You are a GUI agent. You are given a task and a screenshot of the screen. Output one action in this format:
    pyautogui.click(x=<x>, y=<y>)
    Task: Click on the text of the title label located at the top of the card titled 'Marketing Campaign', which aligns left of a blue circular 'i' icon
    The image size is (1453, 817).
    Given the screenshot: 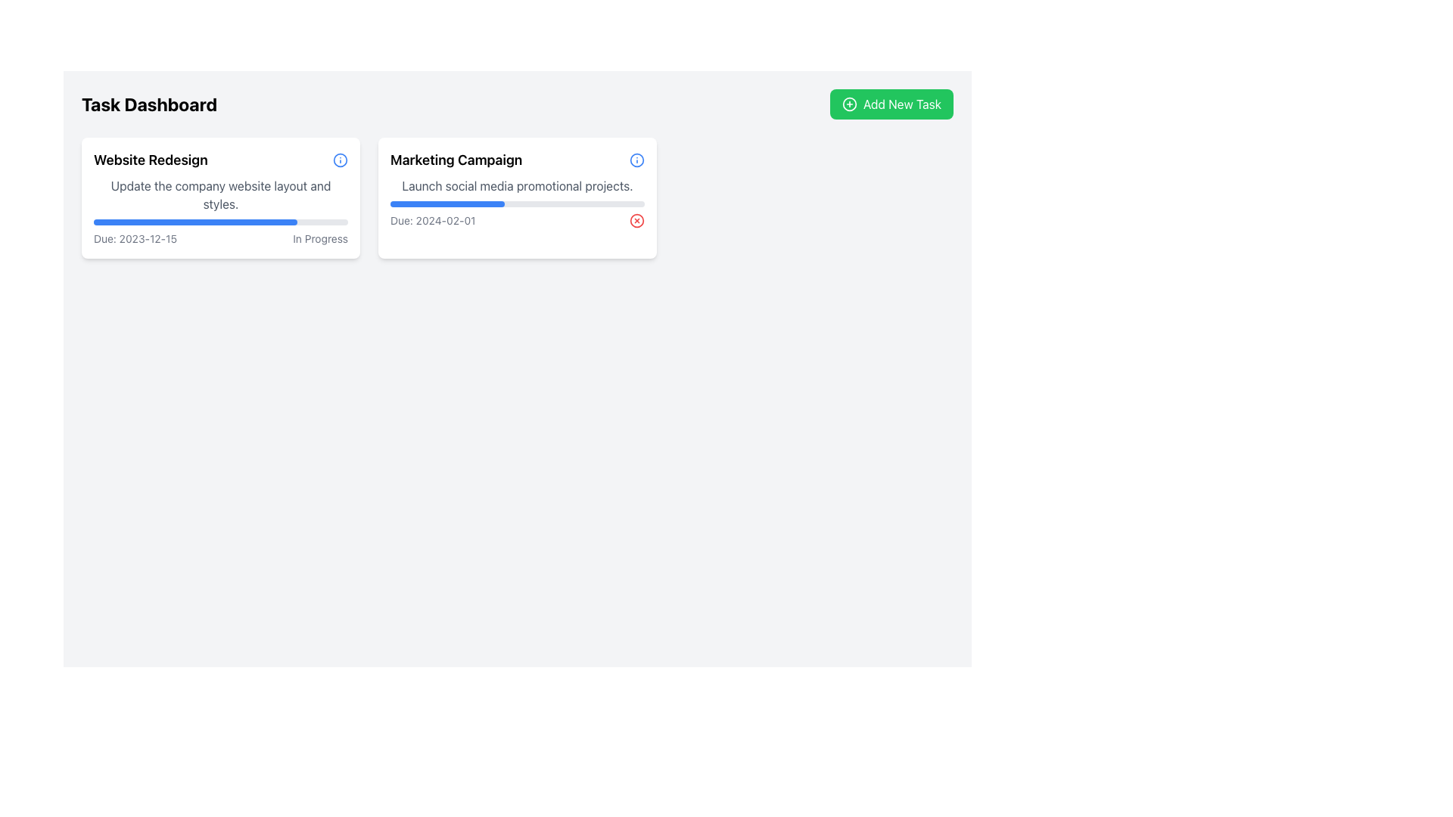 What is the action you would take?
    pyautogui.click(x=518, y=160)
    